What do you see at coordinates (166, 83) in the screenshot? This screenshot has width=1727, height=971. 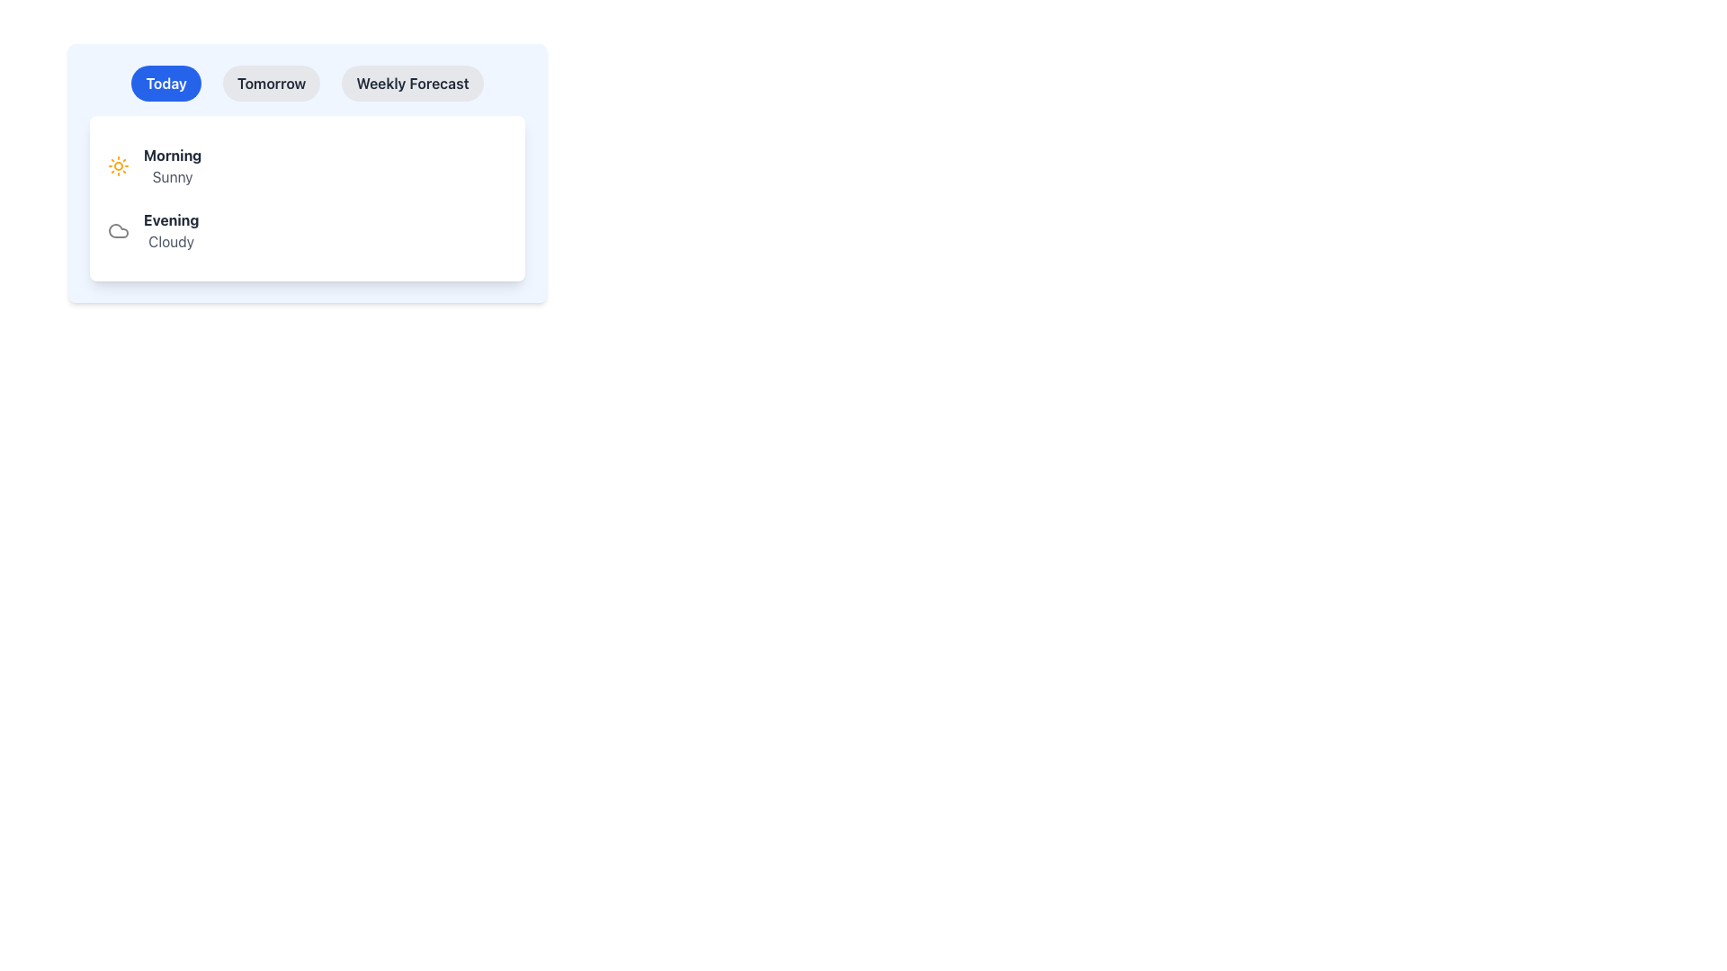 I see `the rounded button labeled 'Today' with white text and a blue background to trigger tooltip effects` at bounding box center [166, 83].